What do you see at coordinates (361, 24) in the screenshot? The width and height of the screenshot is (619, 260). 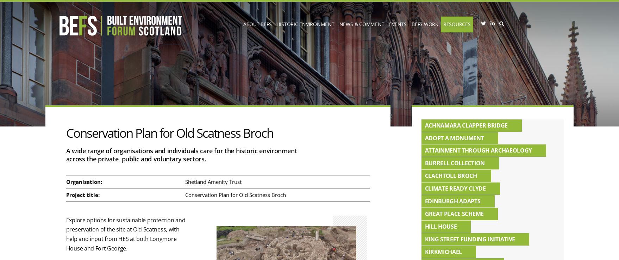 I see `'News & Comment'` at bounding box center [361, 24].